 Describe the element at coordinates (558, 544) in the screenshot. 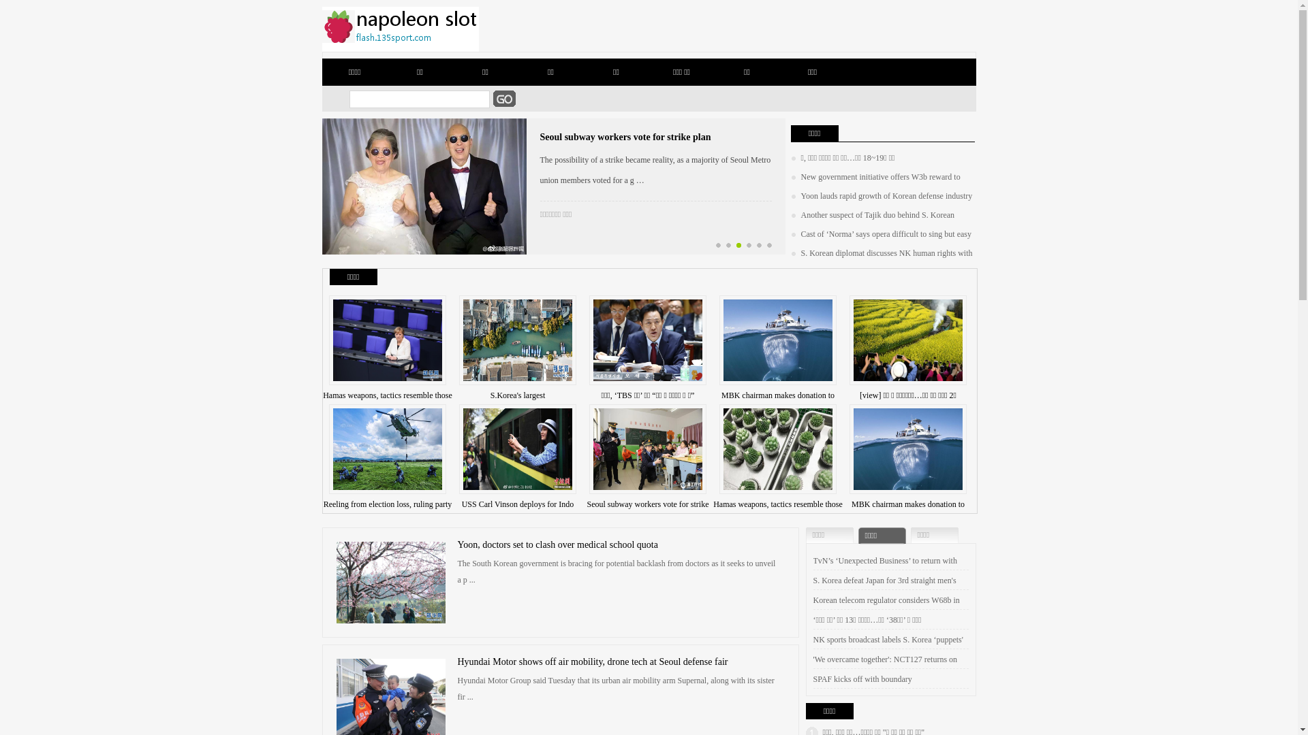

I see `'Yoon, doctors set to clash over medical school quota'` at that location.